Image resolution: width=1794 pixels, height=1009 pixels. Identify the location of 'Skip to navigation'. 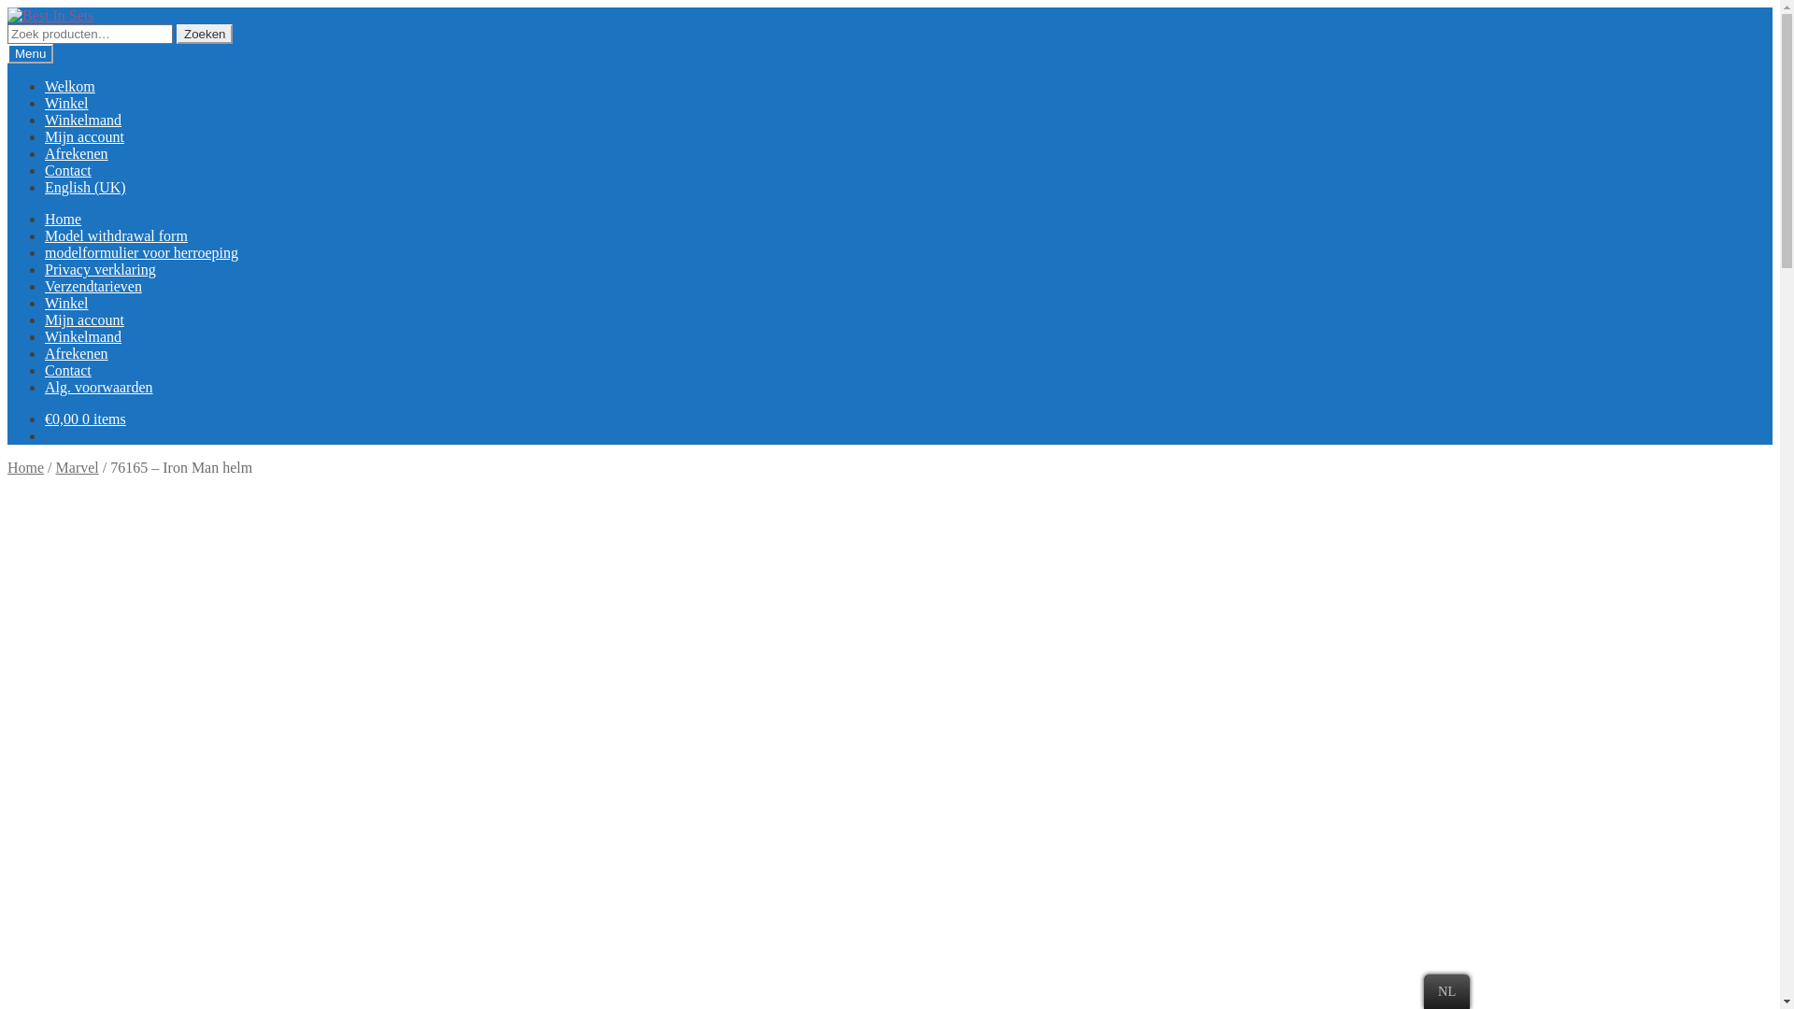
(7, 7).